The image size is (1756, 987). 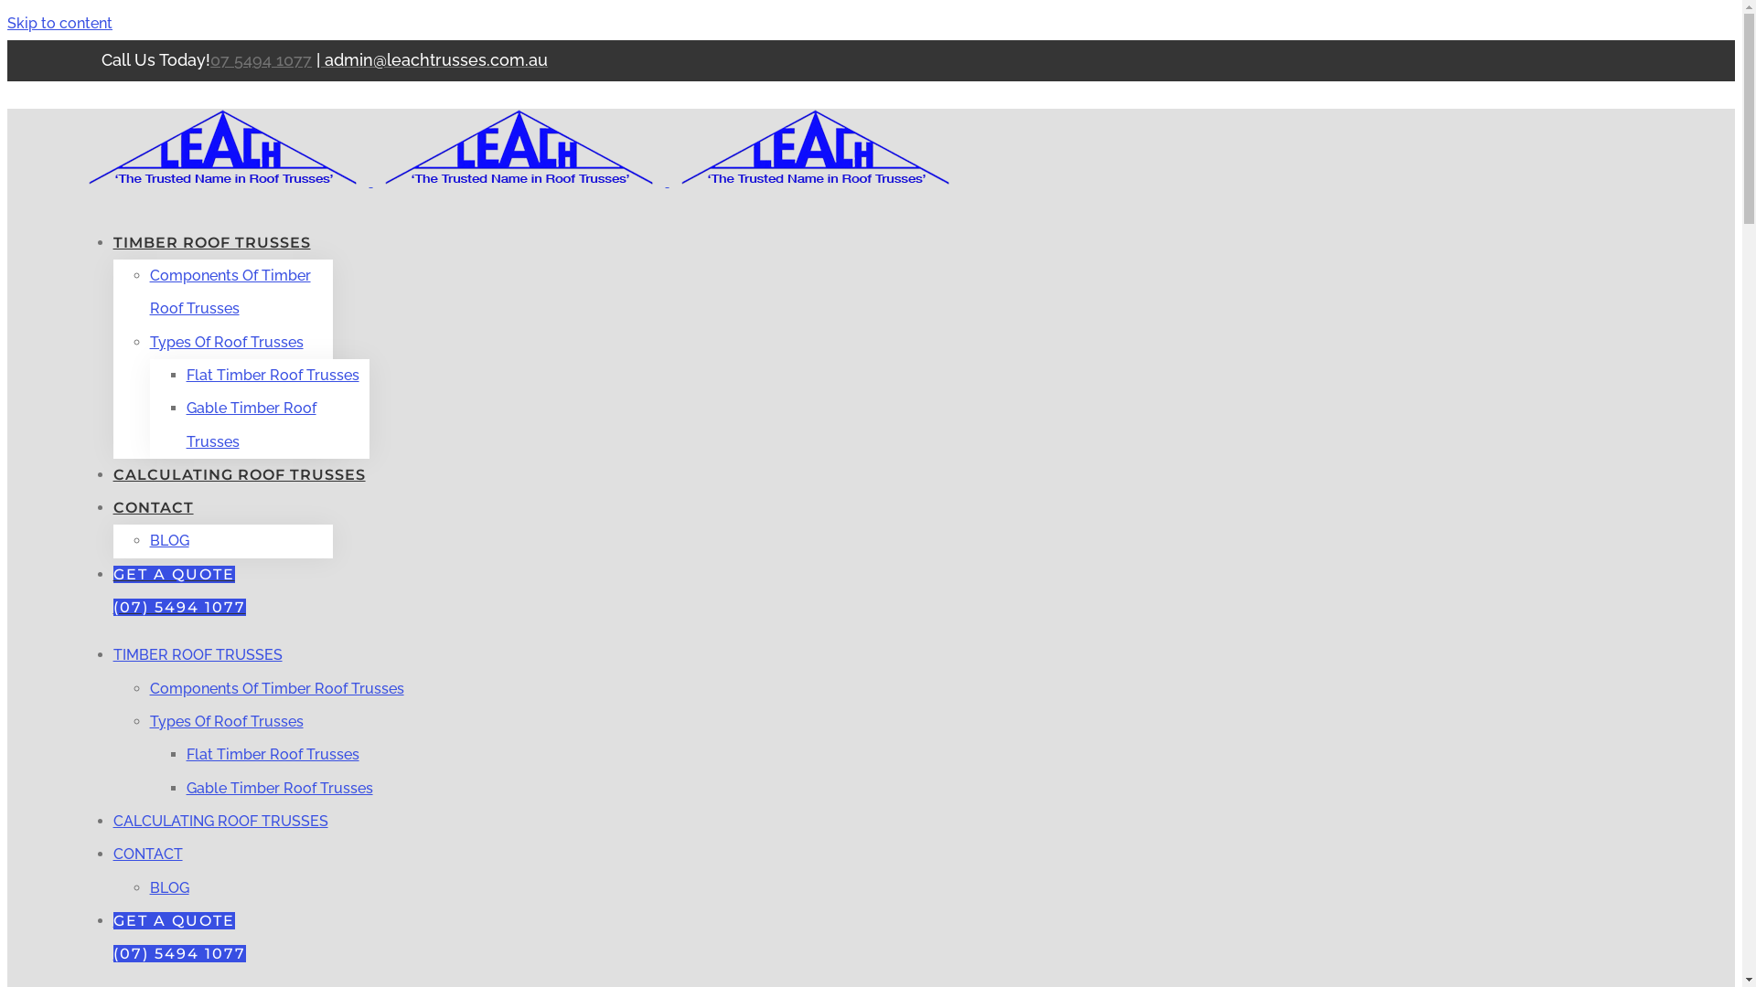 I want to click on '| admin@leachtrusses.com.au', so click(x=431, y=59).